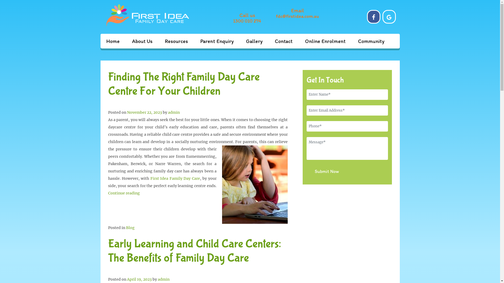  What do you see at coordinates (112, 41) in the screenshot?
I see `'Home'` at bounding box center [112, 41].